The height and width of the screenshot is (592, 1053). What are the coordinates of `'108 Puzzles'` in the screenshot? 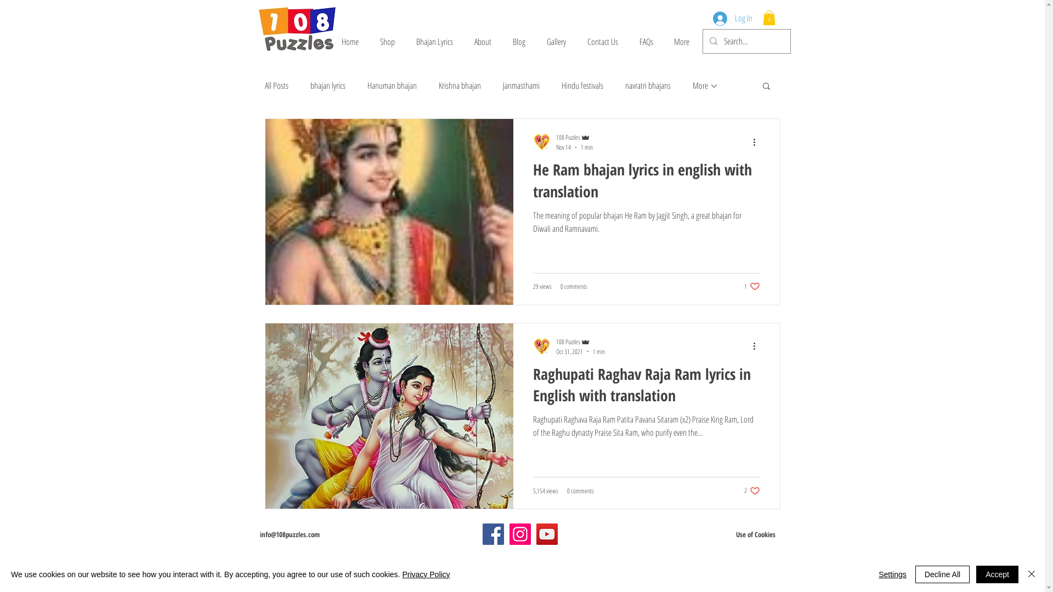 It's located at (574, 136).